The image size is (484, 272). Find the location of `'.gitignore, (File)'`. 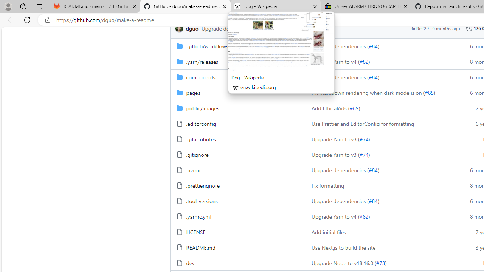

'.gitignore, (File)' is located at coordinates (197, 154).